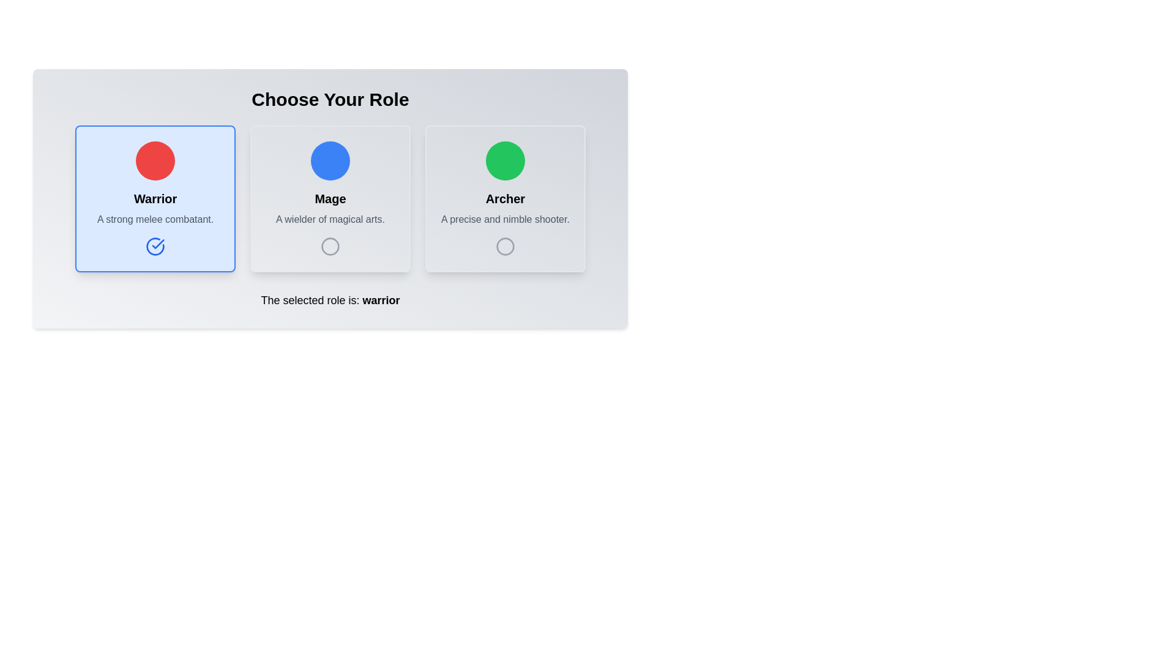  Describe the element at coordinates (155, 246) in the screenshot. I see `on the circular selection icon with a blue border and checkmark inside, located below the 'Warrior' text in the selection card` at that location.